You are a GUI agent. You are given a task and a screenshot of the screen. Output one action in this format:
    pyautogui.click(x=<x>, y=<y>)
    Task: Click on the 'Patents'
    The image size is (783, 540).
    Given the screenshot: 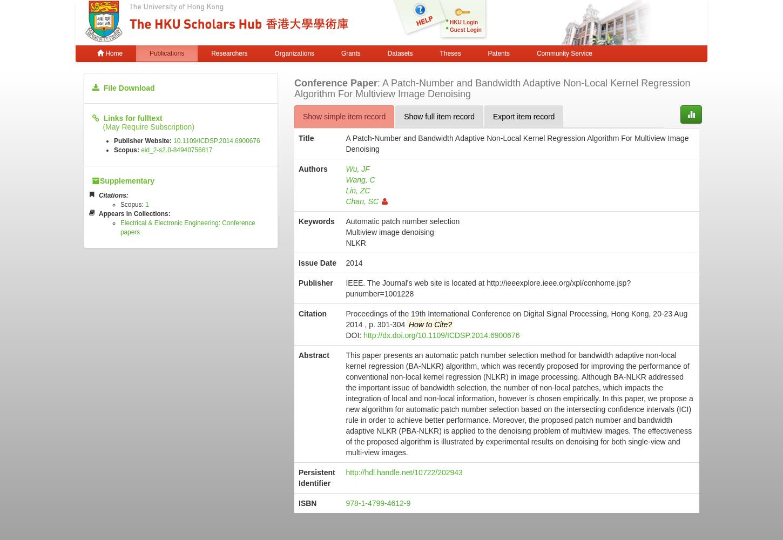 What is the action you would take?
    pyautogui.click(x=498, y=53)
    